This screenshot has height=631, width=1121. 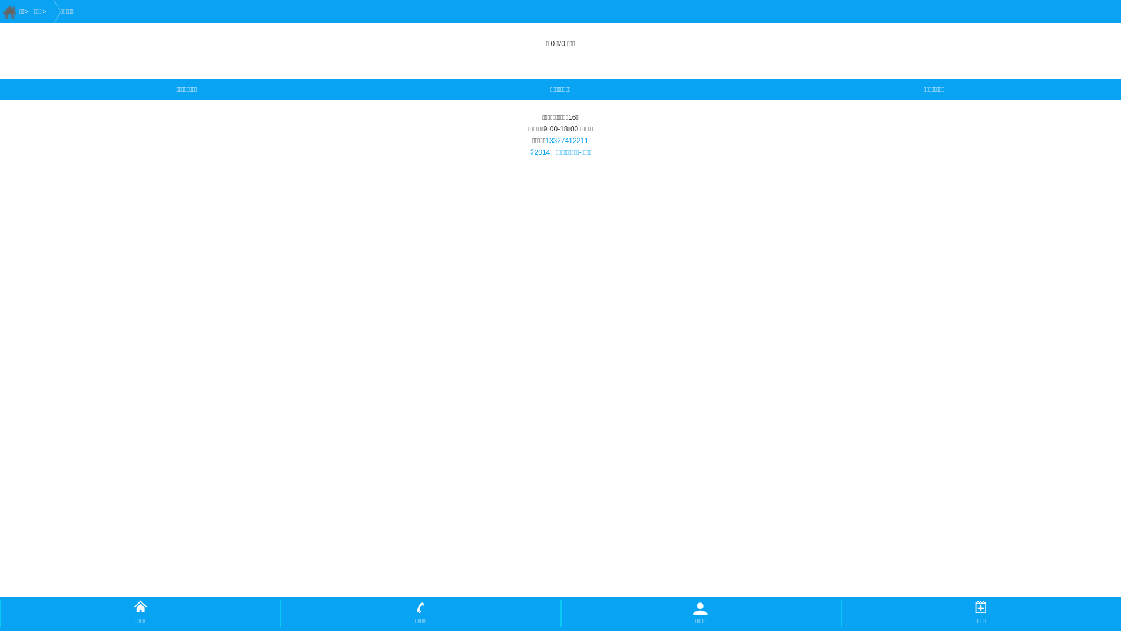 What do you see at coordinates (566, 140) in the screenshot?
I see `'13327412211'` at bounding box center [566, 140].